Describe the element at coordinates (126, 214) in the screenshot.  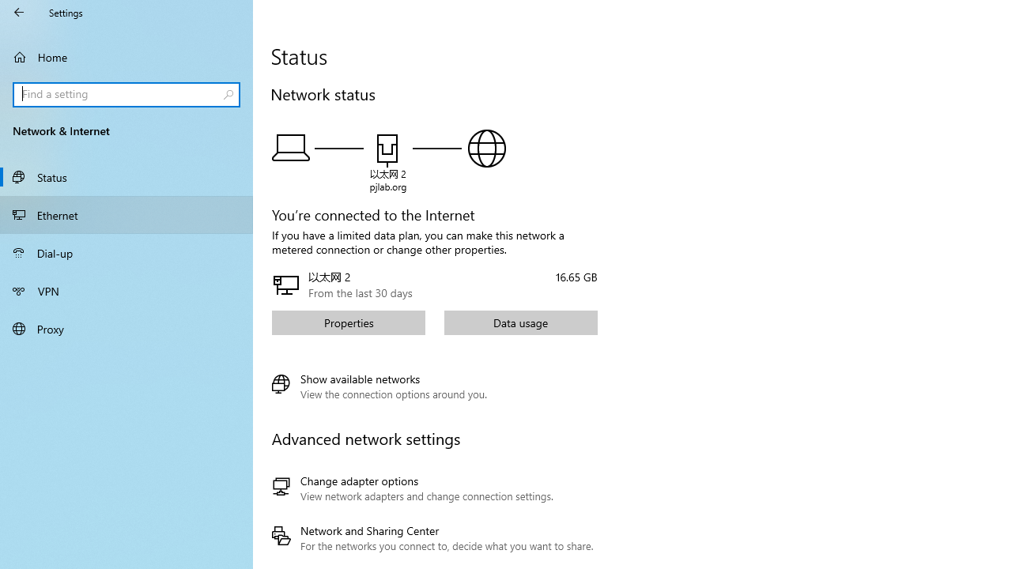
I see `'Ethernet'` at that location.